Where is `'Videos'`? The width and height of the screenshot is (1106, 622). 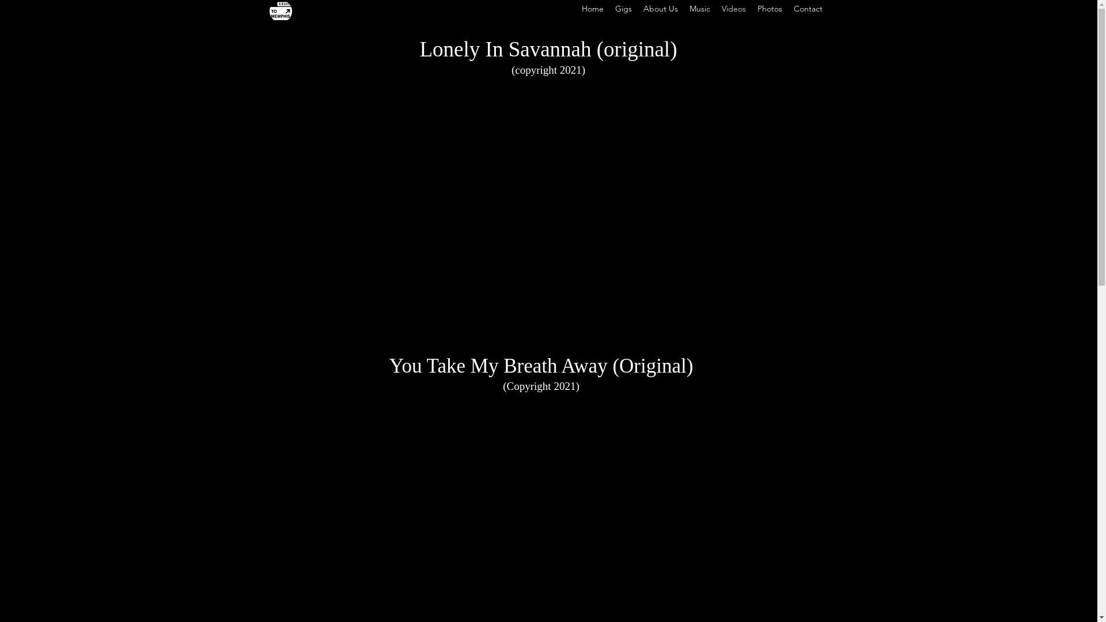
'Videos' is located at coordinates (732, 9).